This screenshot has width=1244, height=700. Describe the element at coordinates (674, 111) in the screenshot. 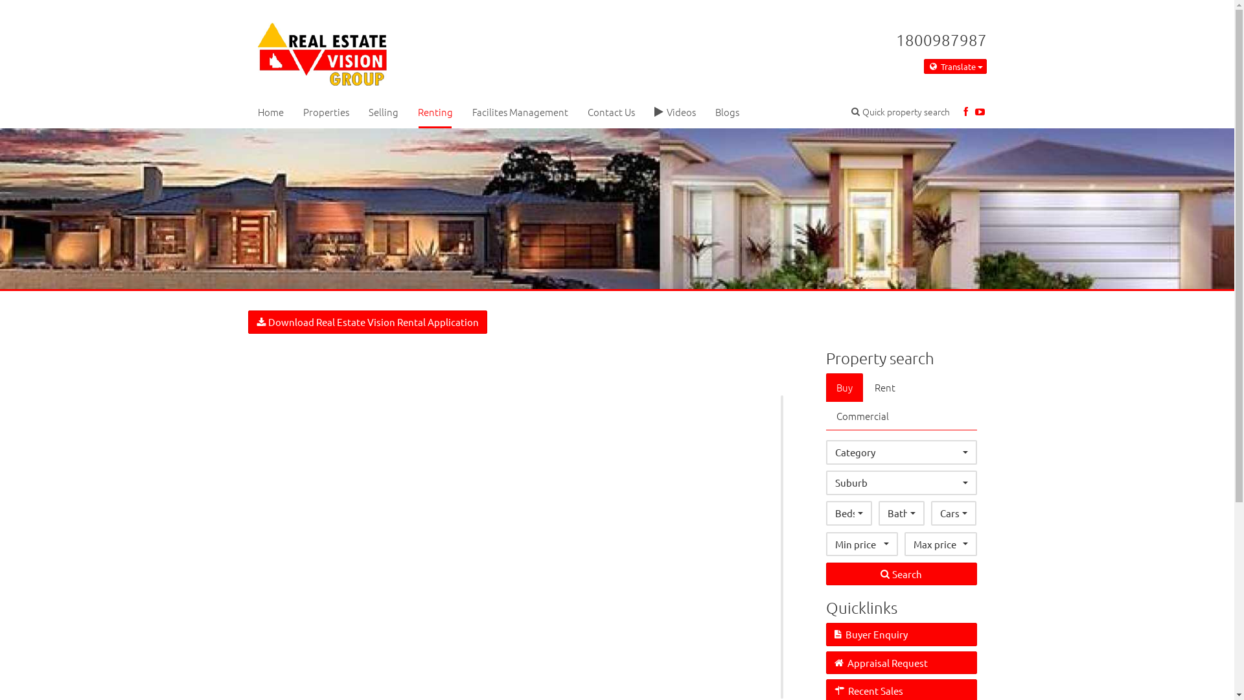

I see `'Videos'` at that location.